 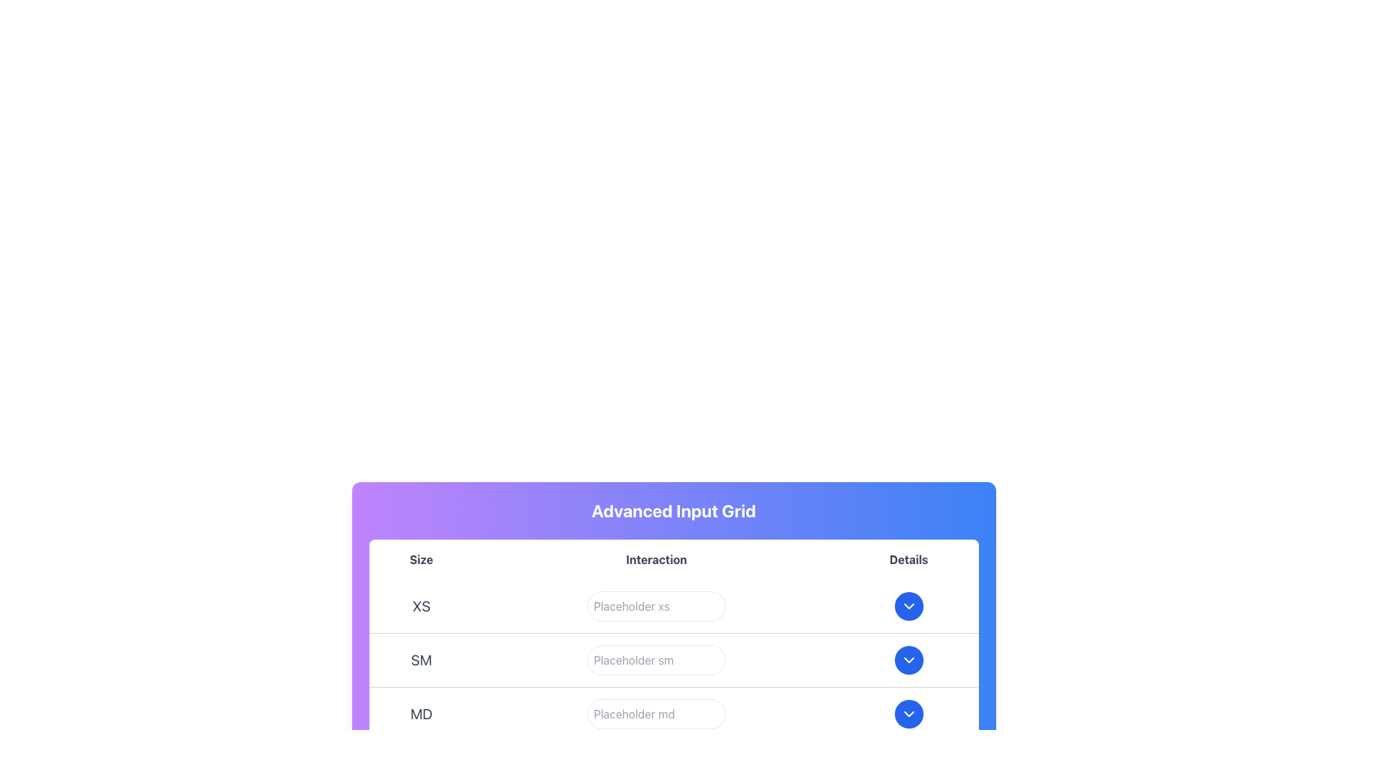 I want to click on the text input box with rounded edges and placeholder text 'Placeholder md' located under the 'Interaction' column of the 'MD' row to focus on it, so click(x=655, y=714).